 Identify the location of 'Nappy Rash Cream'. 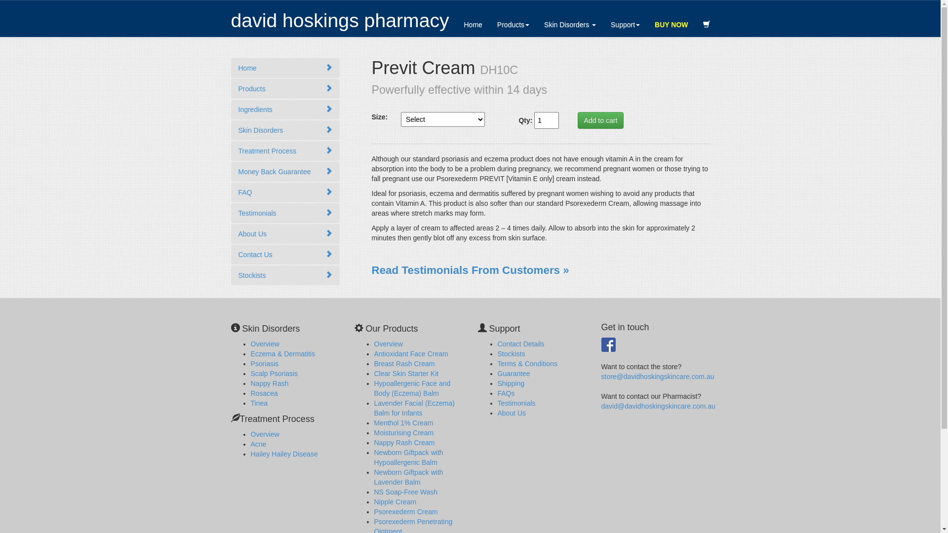
(404, 442).